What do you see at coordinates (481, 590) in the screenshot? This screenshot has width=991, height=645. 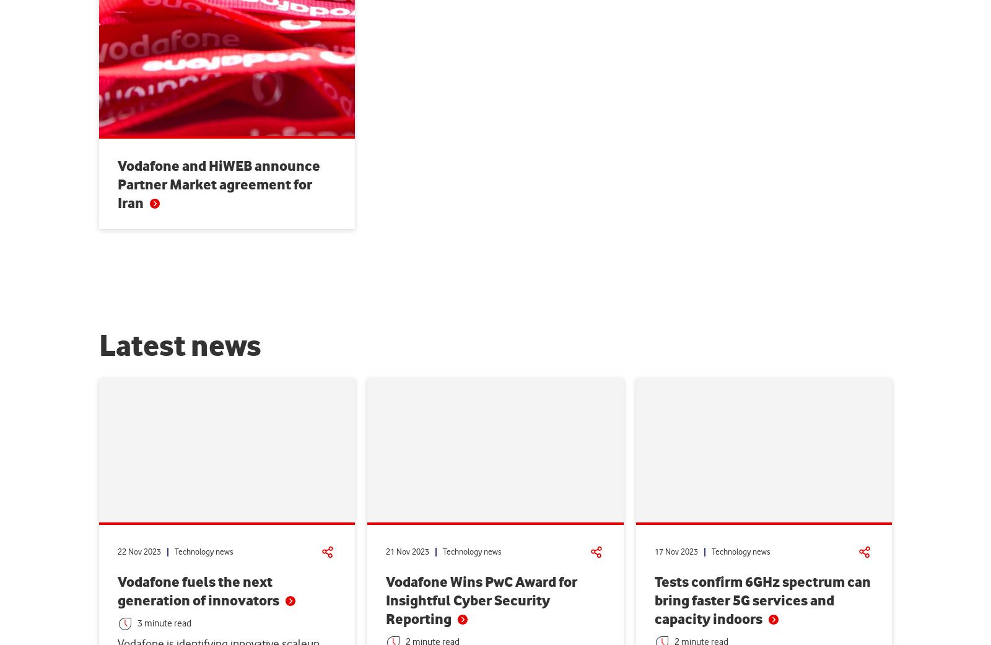 I see `'Vodafone Wins PwC Award for Insightful Cyber Security'` at bounding box center [481, 590].